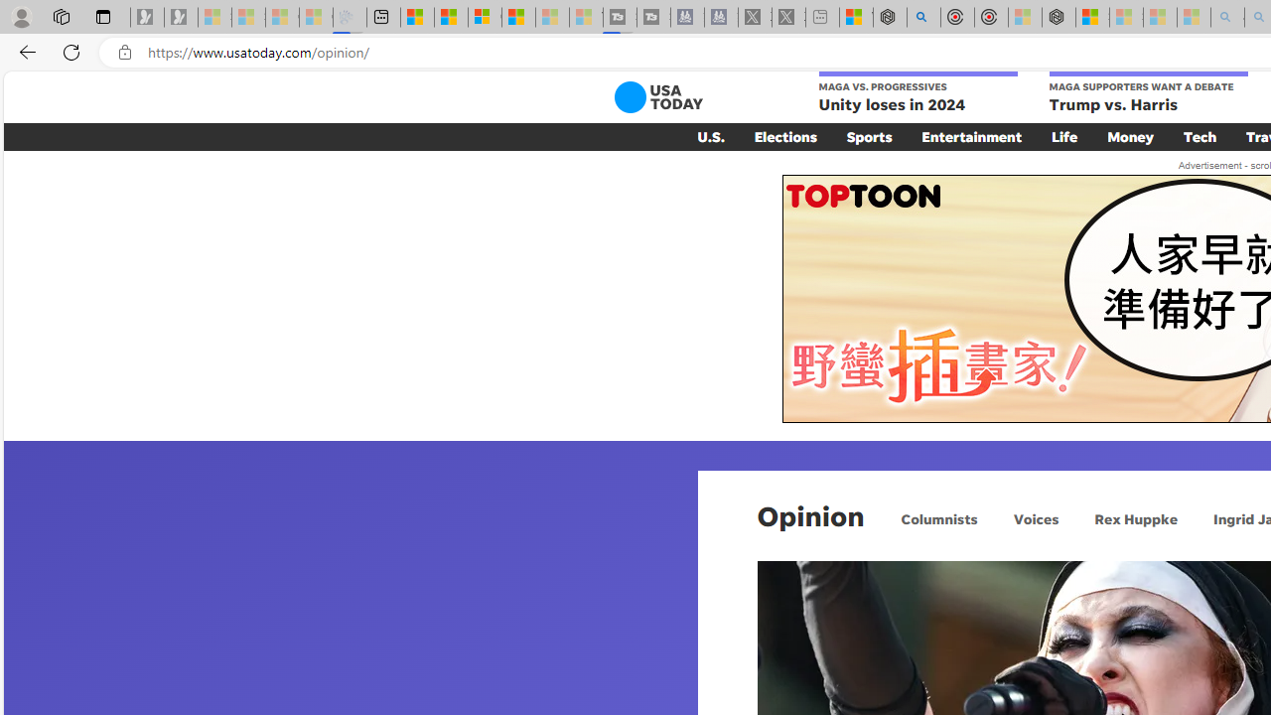 The height and width of the screenshot is (715, 1271). Describe the element at coordinates (1058, 17) in the screenshot. I see `'Nordace - Nordace Siena Is Not An Ordinary Backpack'` at that location.